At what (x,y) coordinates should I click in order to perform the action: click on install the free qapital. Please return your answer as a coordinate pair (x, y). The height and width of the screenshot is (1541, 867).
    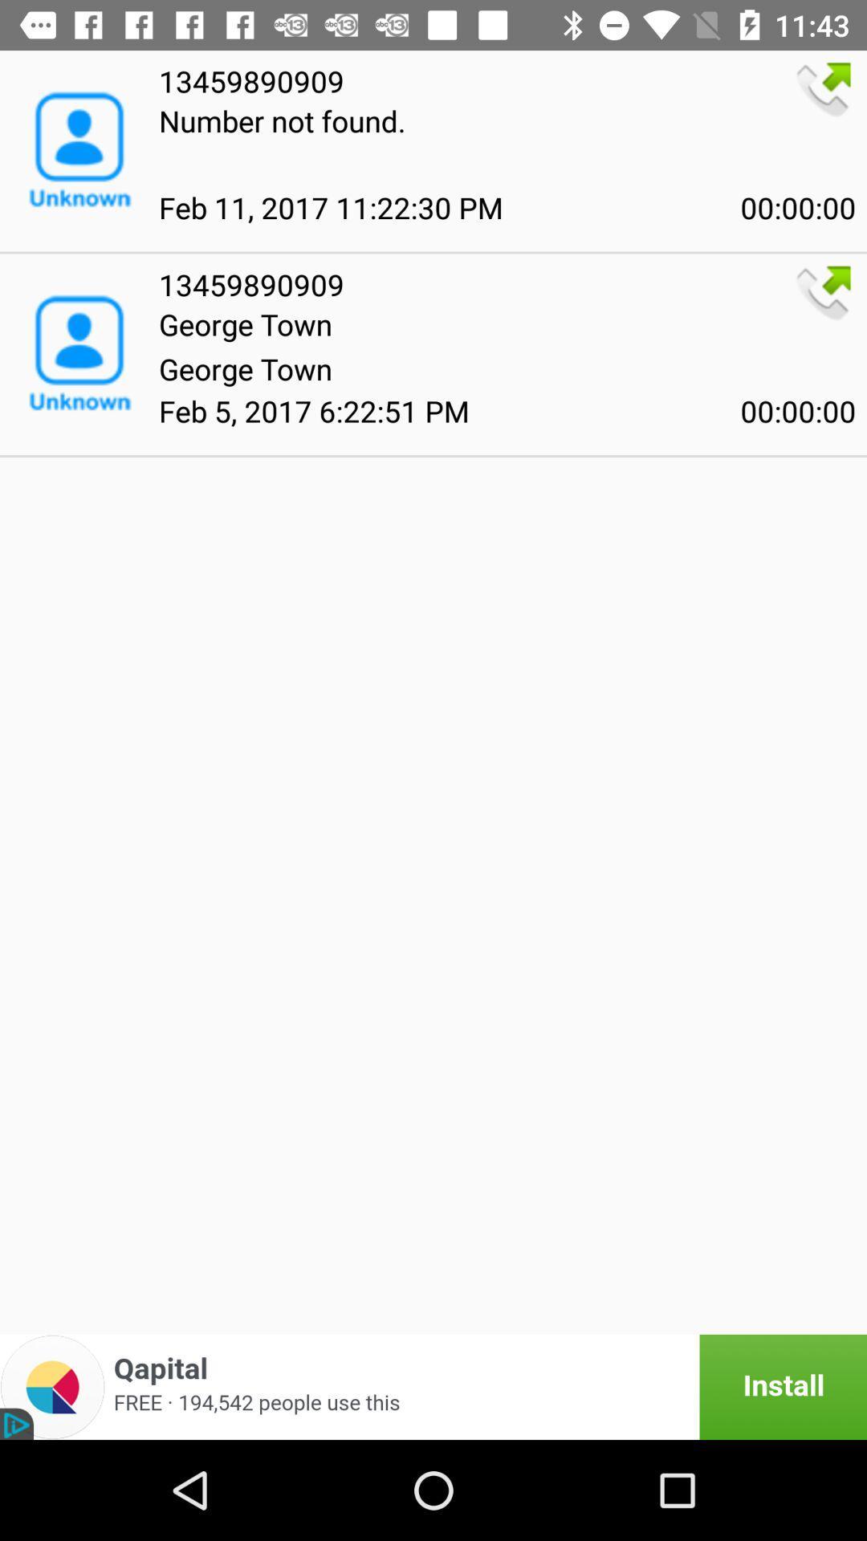
    Looking at the image, I should click on (433, 1386).